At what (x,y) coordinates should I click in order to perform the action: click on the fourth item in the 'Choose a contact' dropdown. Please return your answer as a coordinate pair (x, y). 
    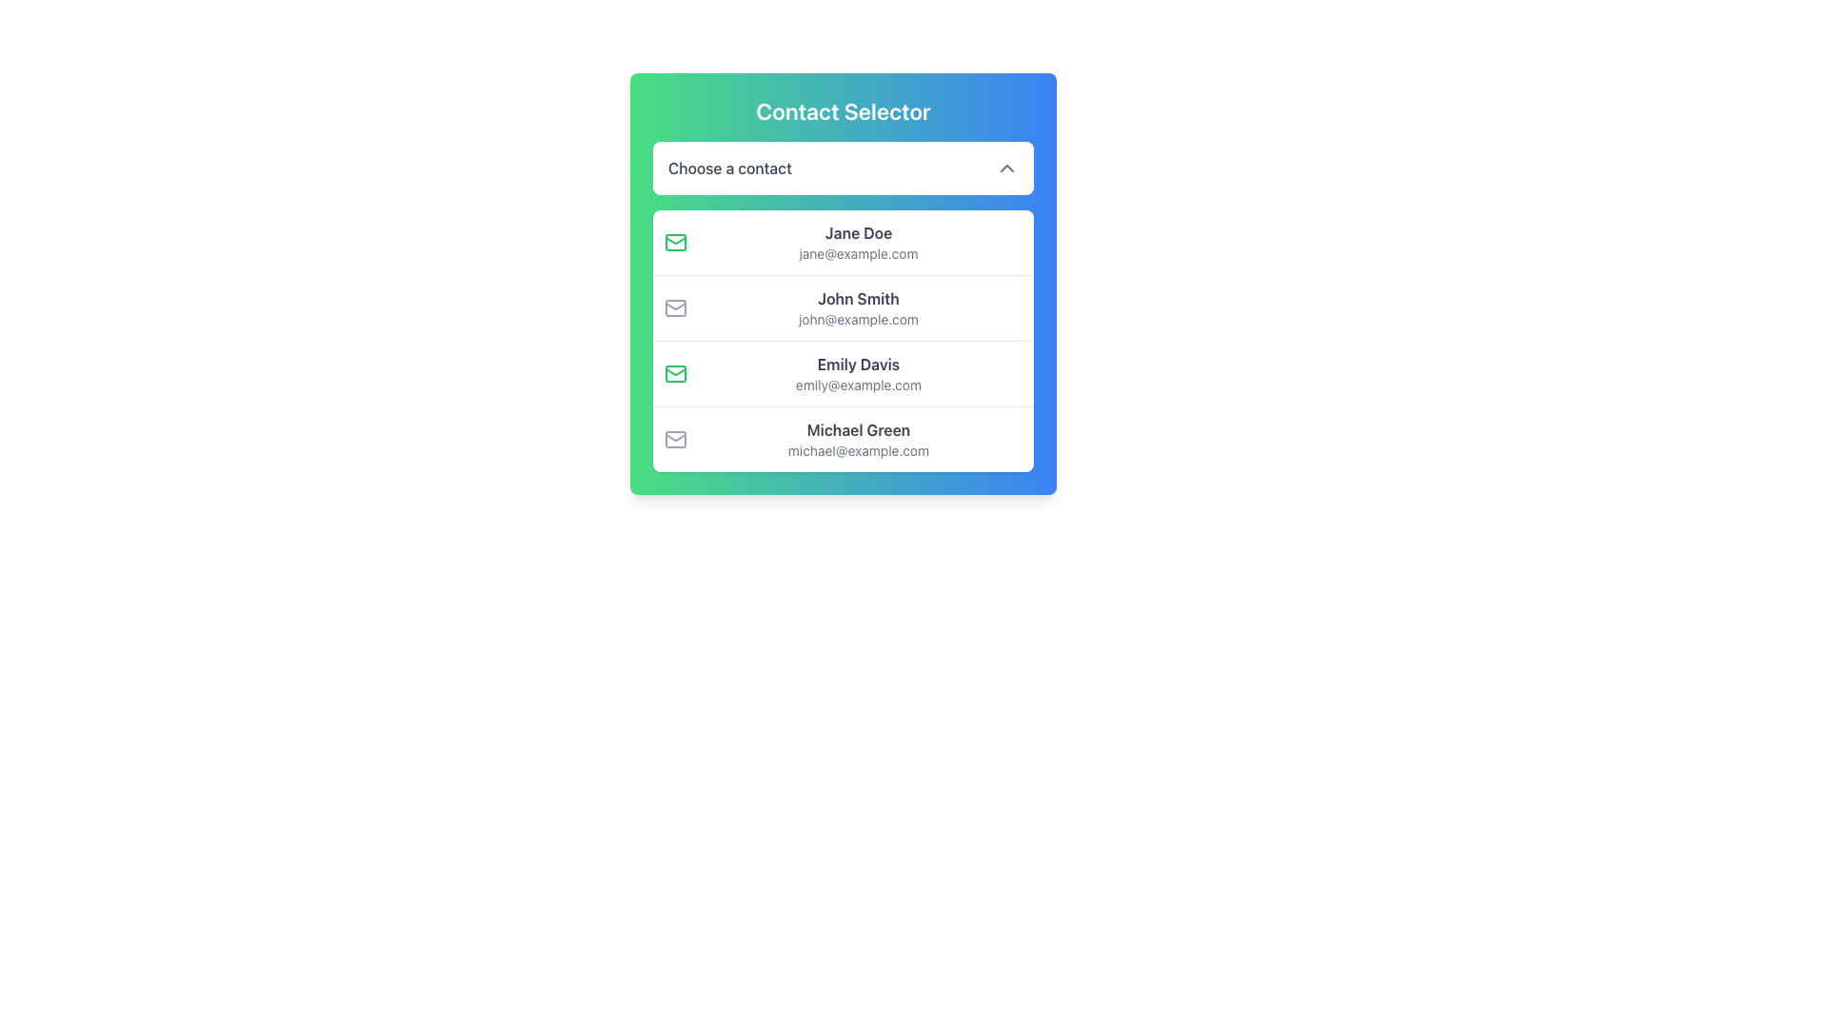
    Looking at the image, I should click on (858, 440).